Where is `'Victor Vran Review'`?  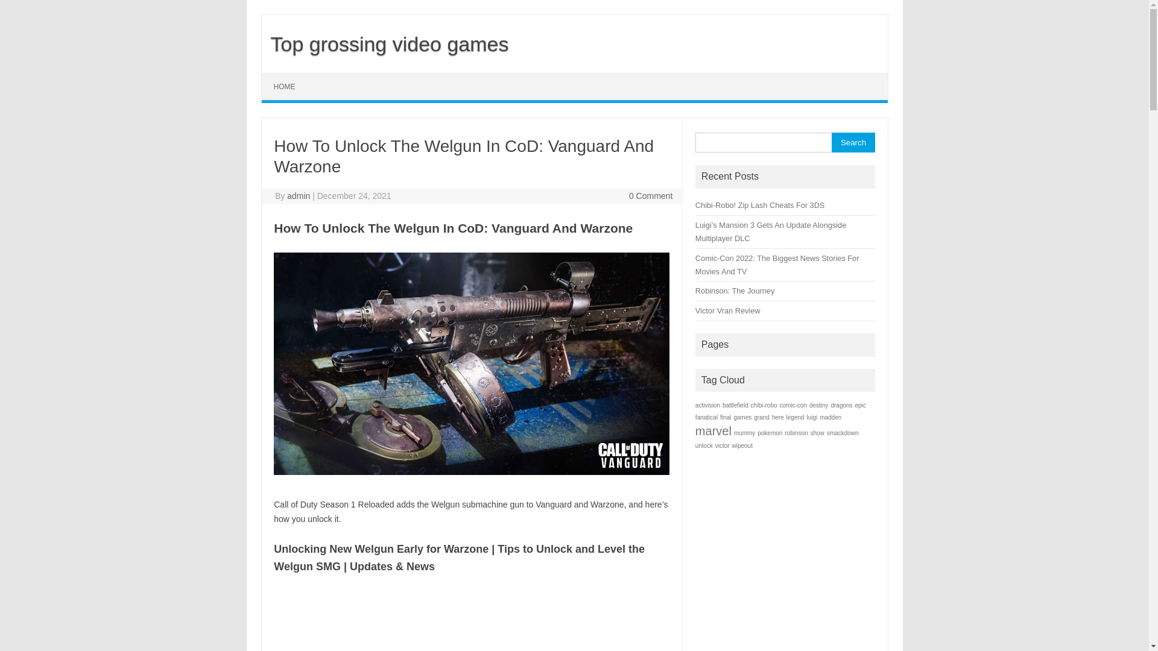 'Victor Vran Review' is located at coordinates (727, 310).